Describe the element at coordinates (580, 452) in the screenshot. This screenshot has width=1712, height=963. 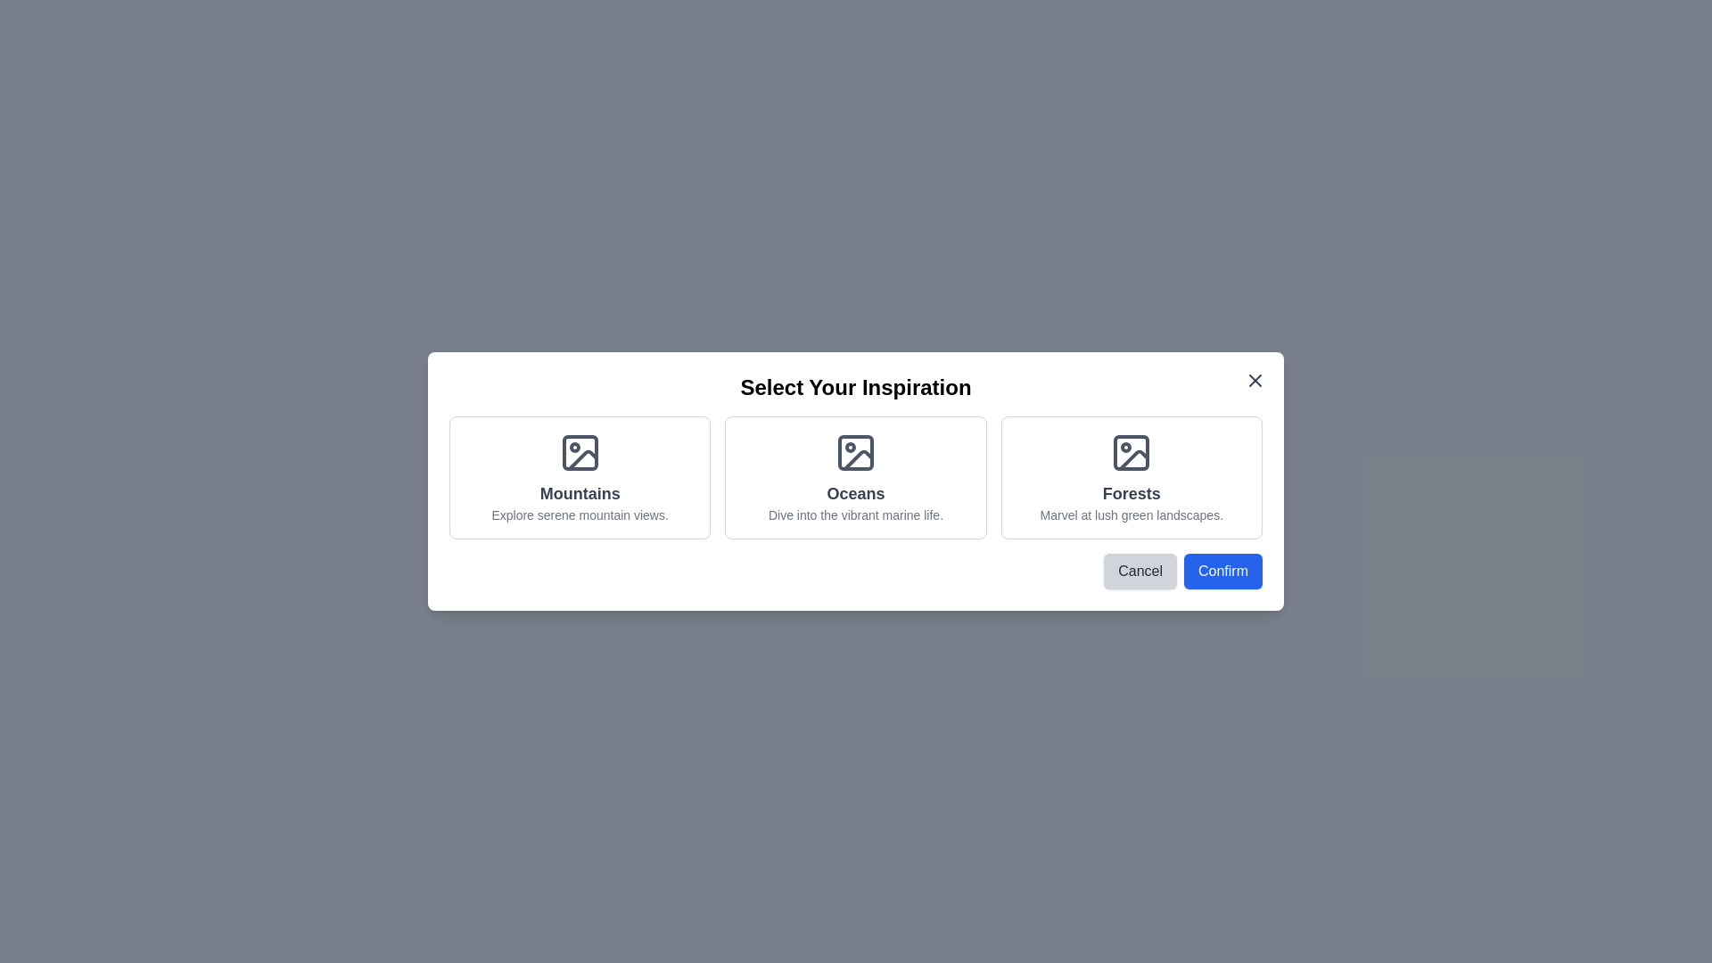
I see `the decorative square element that visually structures the 'Mountains' icon in the first column of options within the 'Select Your Inspiration' dialog` at that location.